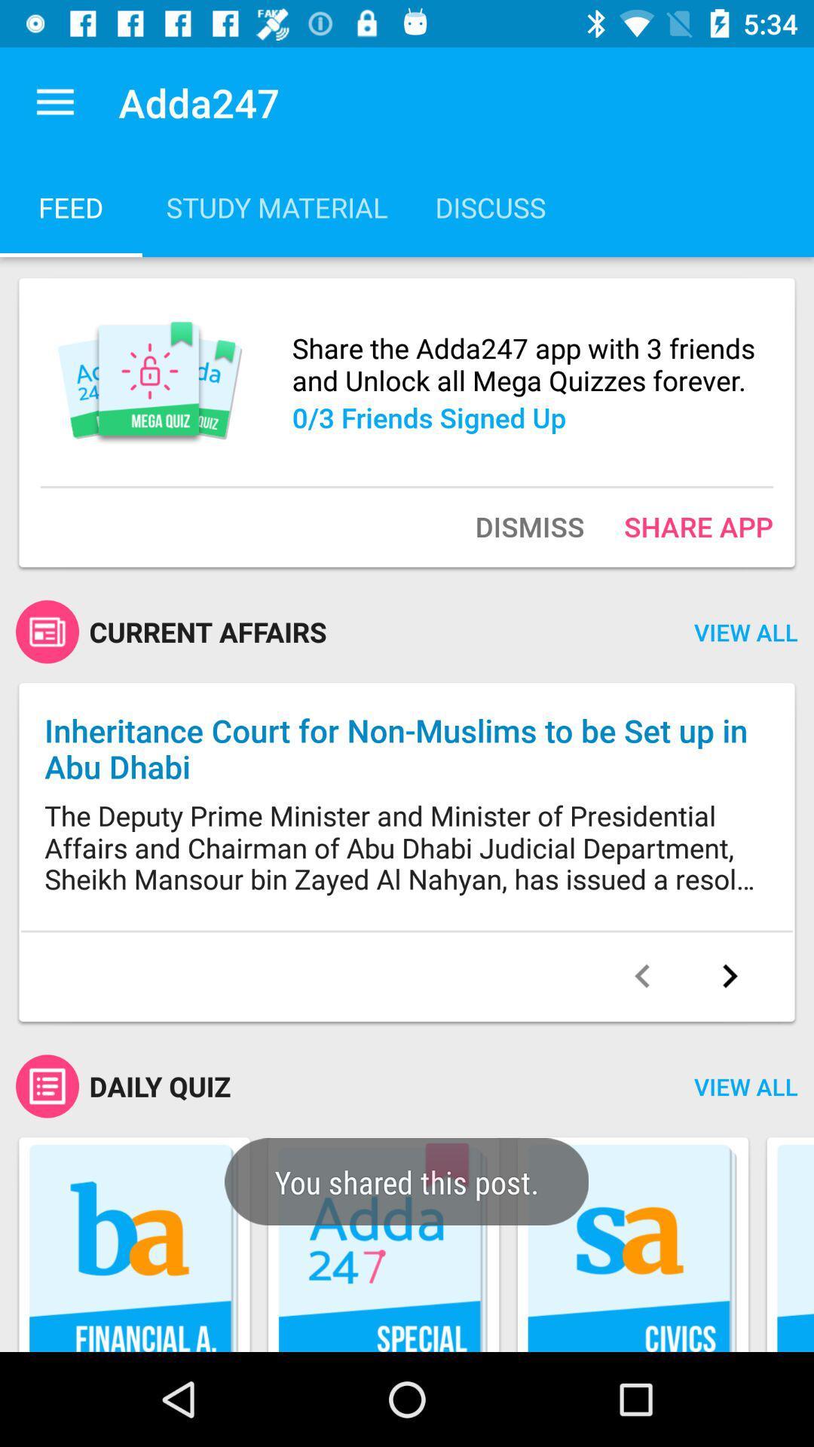 The width and height of the screenshot is (814, 1447). Describe the element at coordinates (642, 976) in the screenshot. I see `back face` at that location.